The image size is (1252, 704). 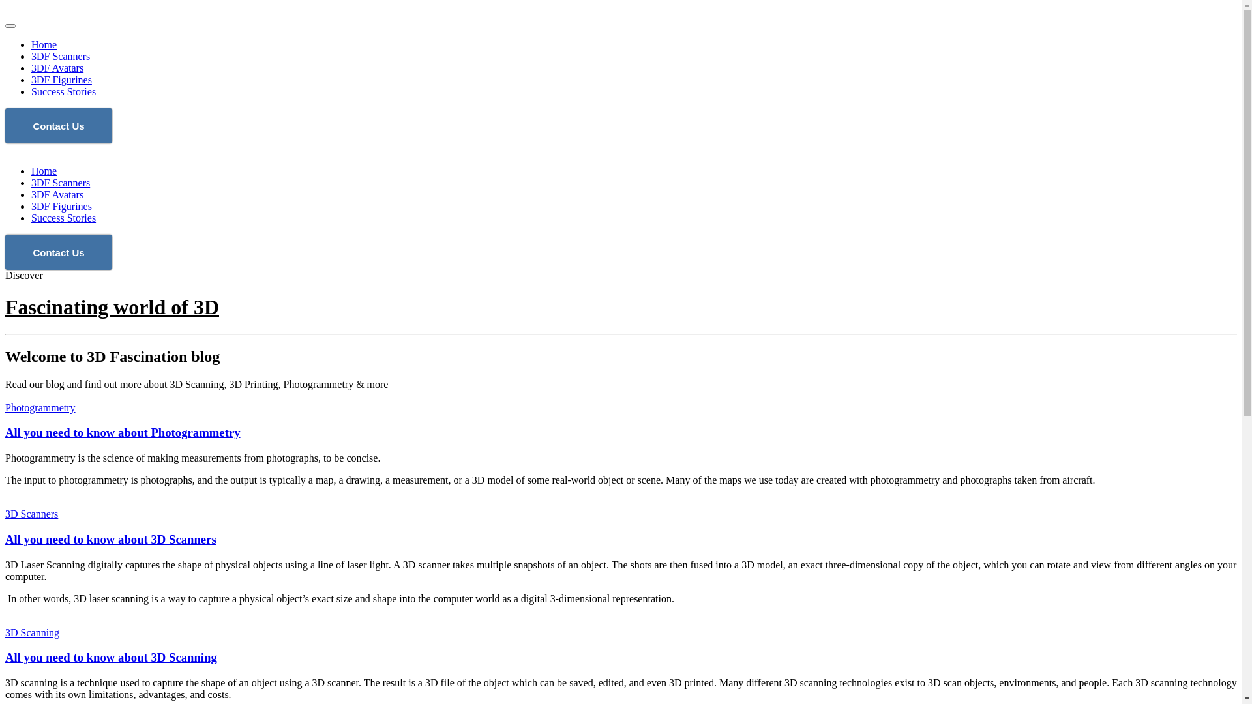 I want to click on 'Contact Us', so click(x=58, y=252).